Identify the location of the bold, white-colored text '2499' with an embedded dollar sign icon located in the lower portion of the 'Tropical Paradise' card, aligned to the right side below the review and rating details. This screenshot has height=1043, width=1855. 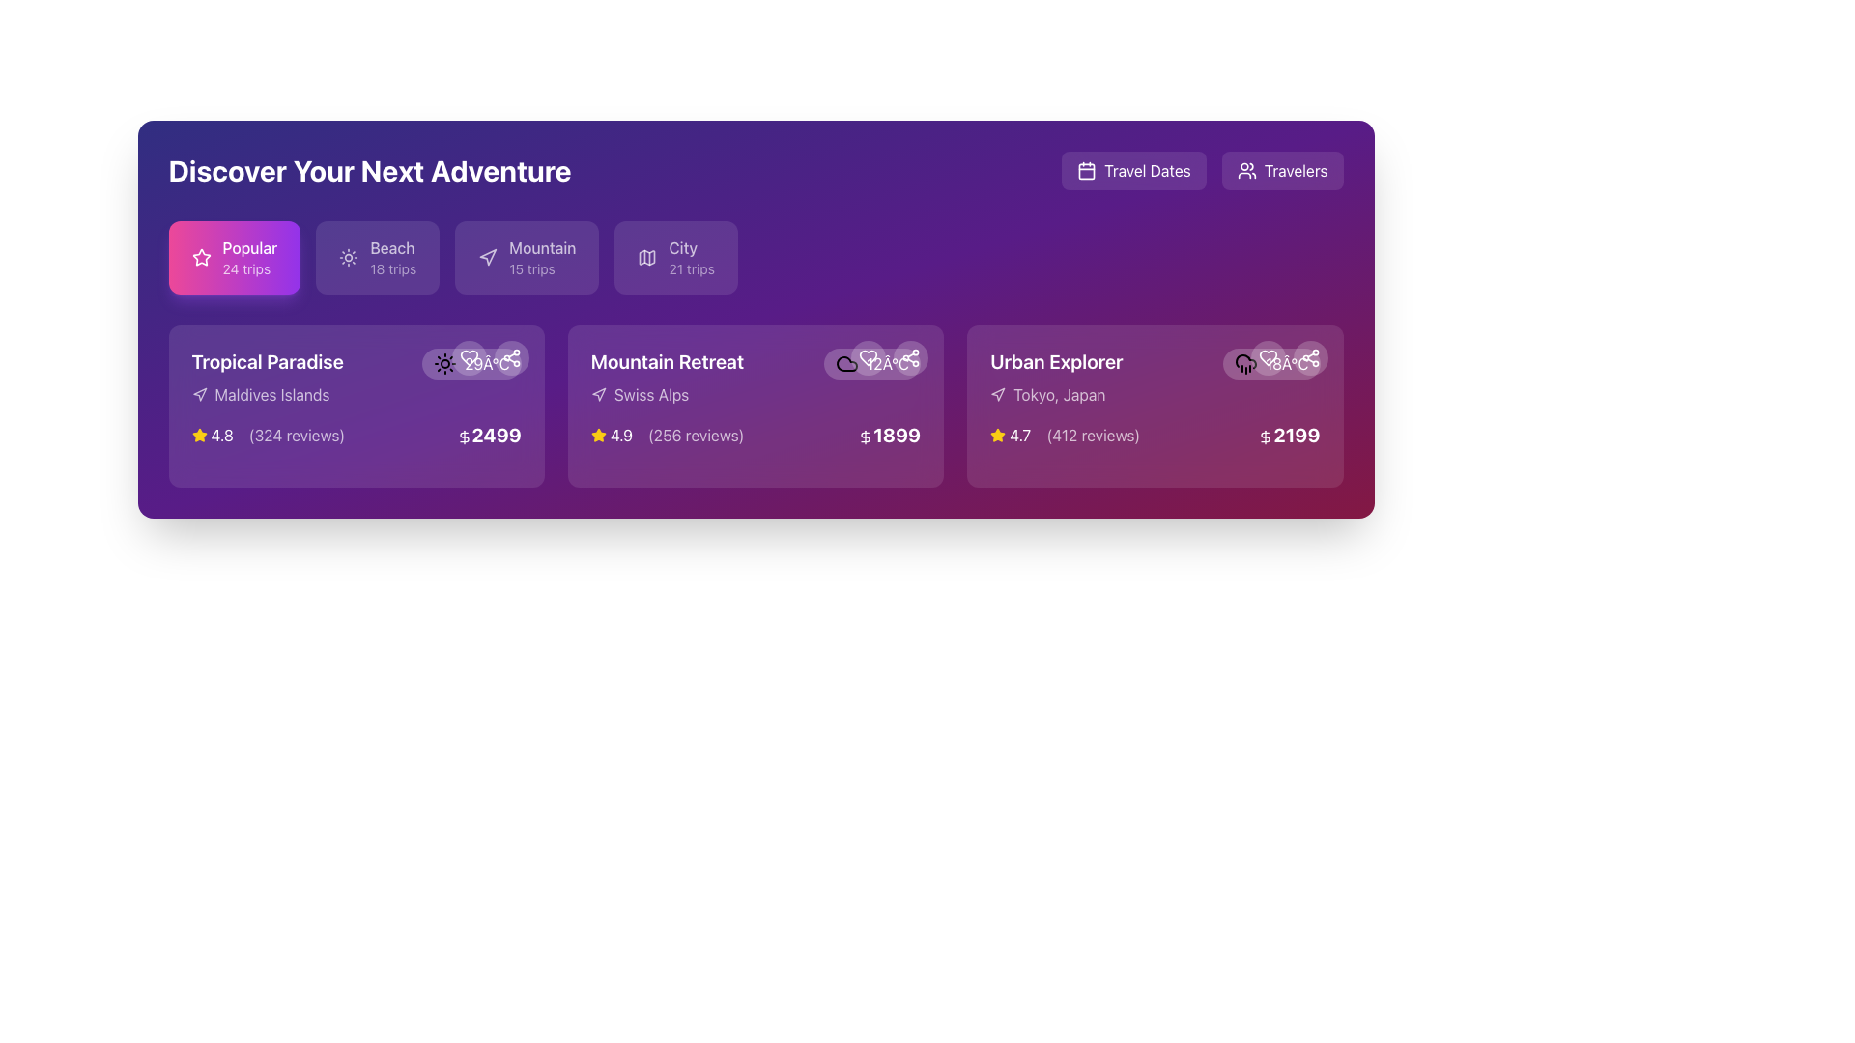
(489, 436).